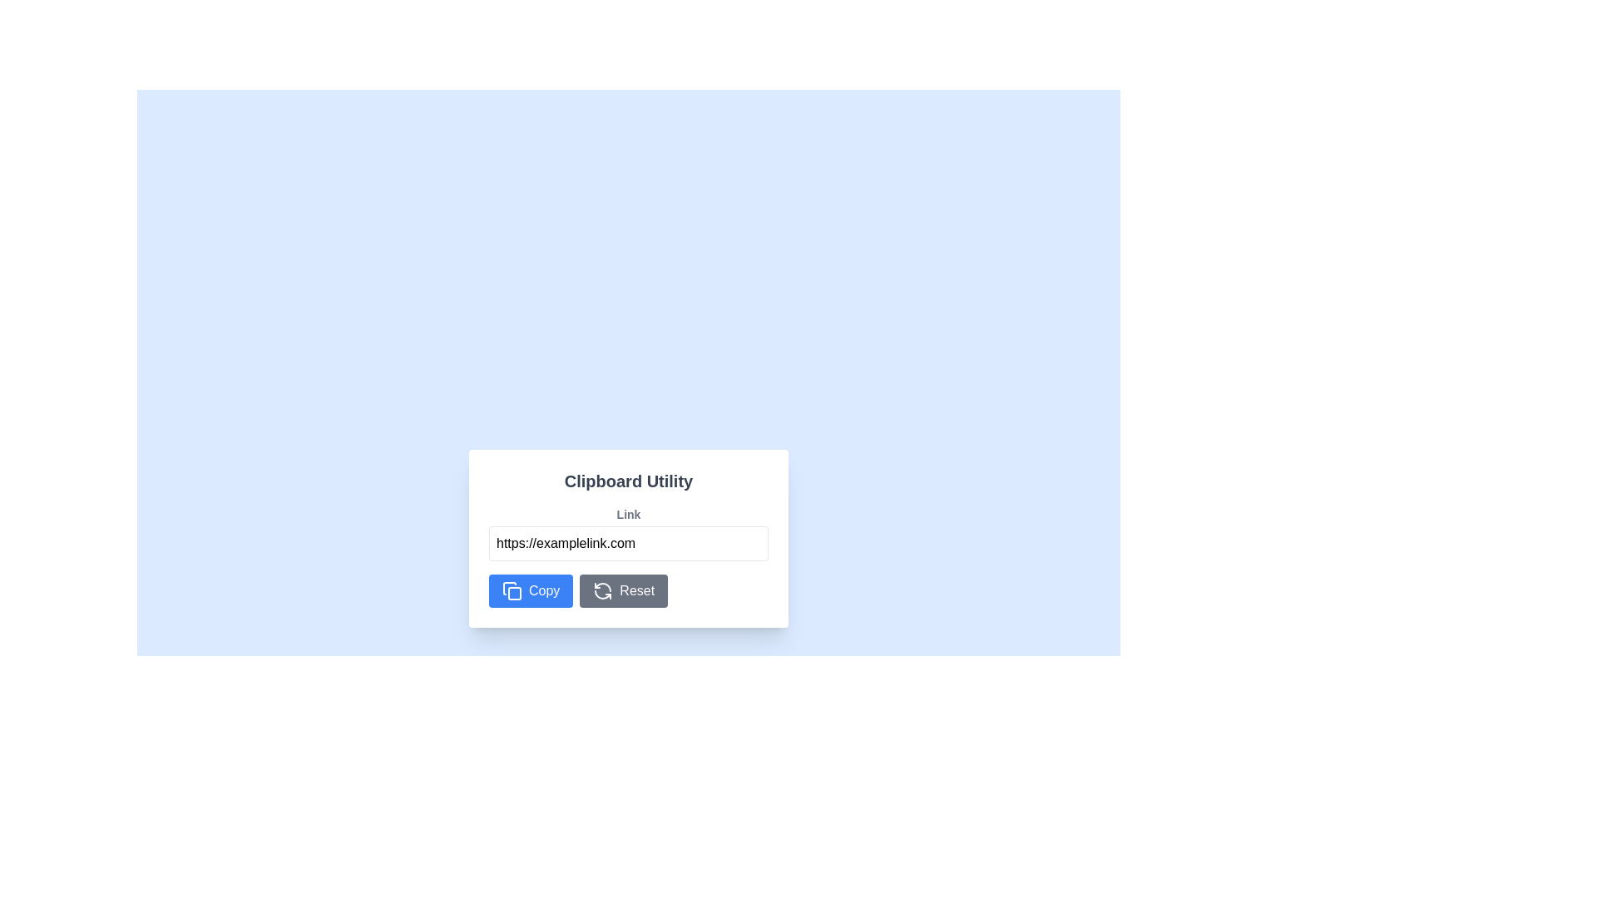 Image resolution: width=1597 pixels, height=898 pixels. Describe the element at coordinates (509, 588) in the screenshot. I see `the graphic representation of the document icon within the 'Copy' button located in the lower section of the modal interface, to the left of the 'Copy' text label` at that location.